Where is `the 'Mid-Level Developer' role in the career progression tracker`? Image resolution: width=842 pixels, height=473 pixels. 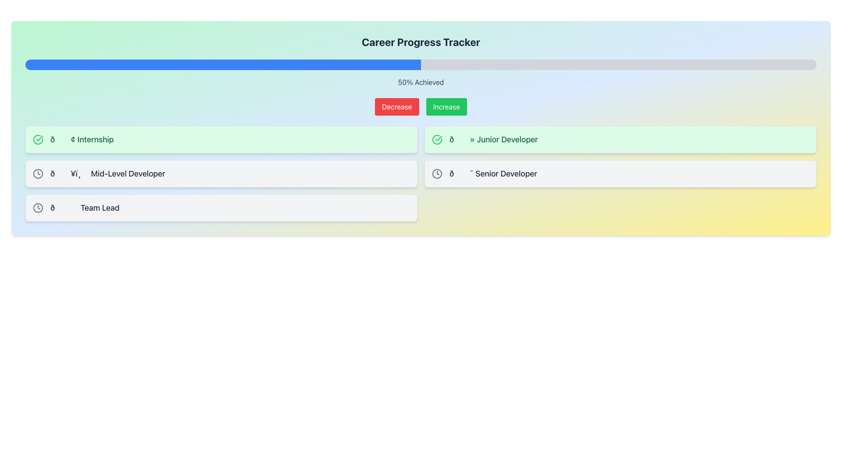
the 'Mid-Level Developer' role in the career progression tracker is located at coordinates (221, 174).